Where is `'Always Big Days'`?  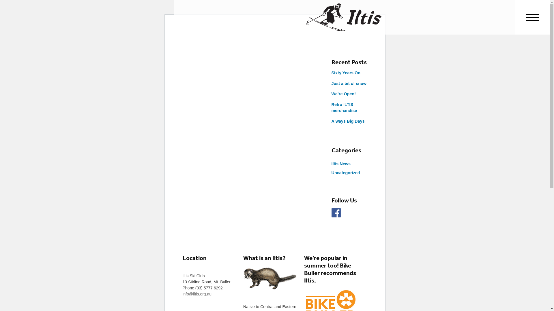 'Always Big Days' is located at coordinates (347, 121).